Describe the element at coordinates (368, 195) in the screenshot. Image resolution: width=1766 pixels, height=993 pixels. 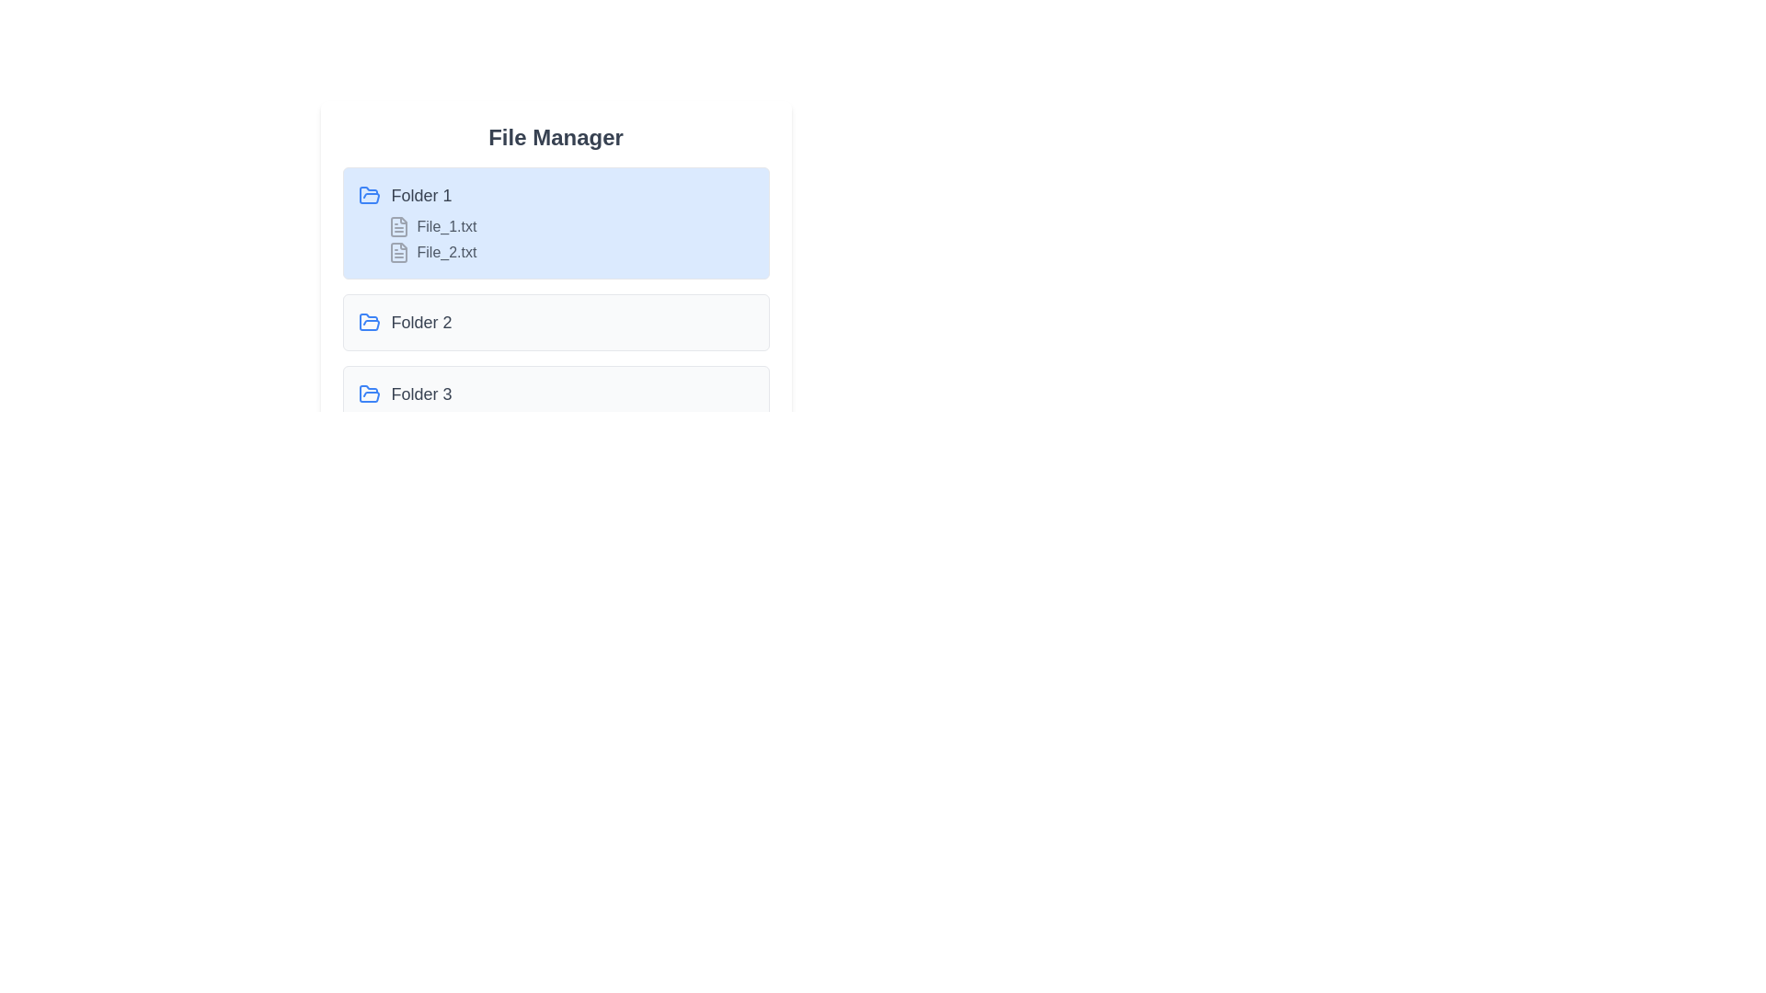
I see `the folder icon representing 'Folder 1', which is positioned to the left of the label within the file manager interface` at that location.